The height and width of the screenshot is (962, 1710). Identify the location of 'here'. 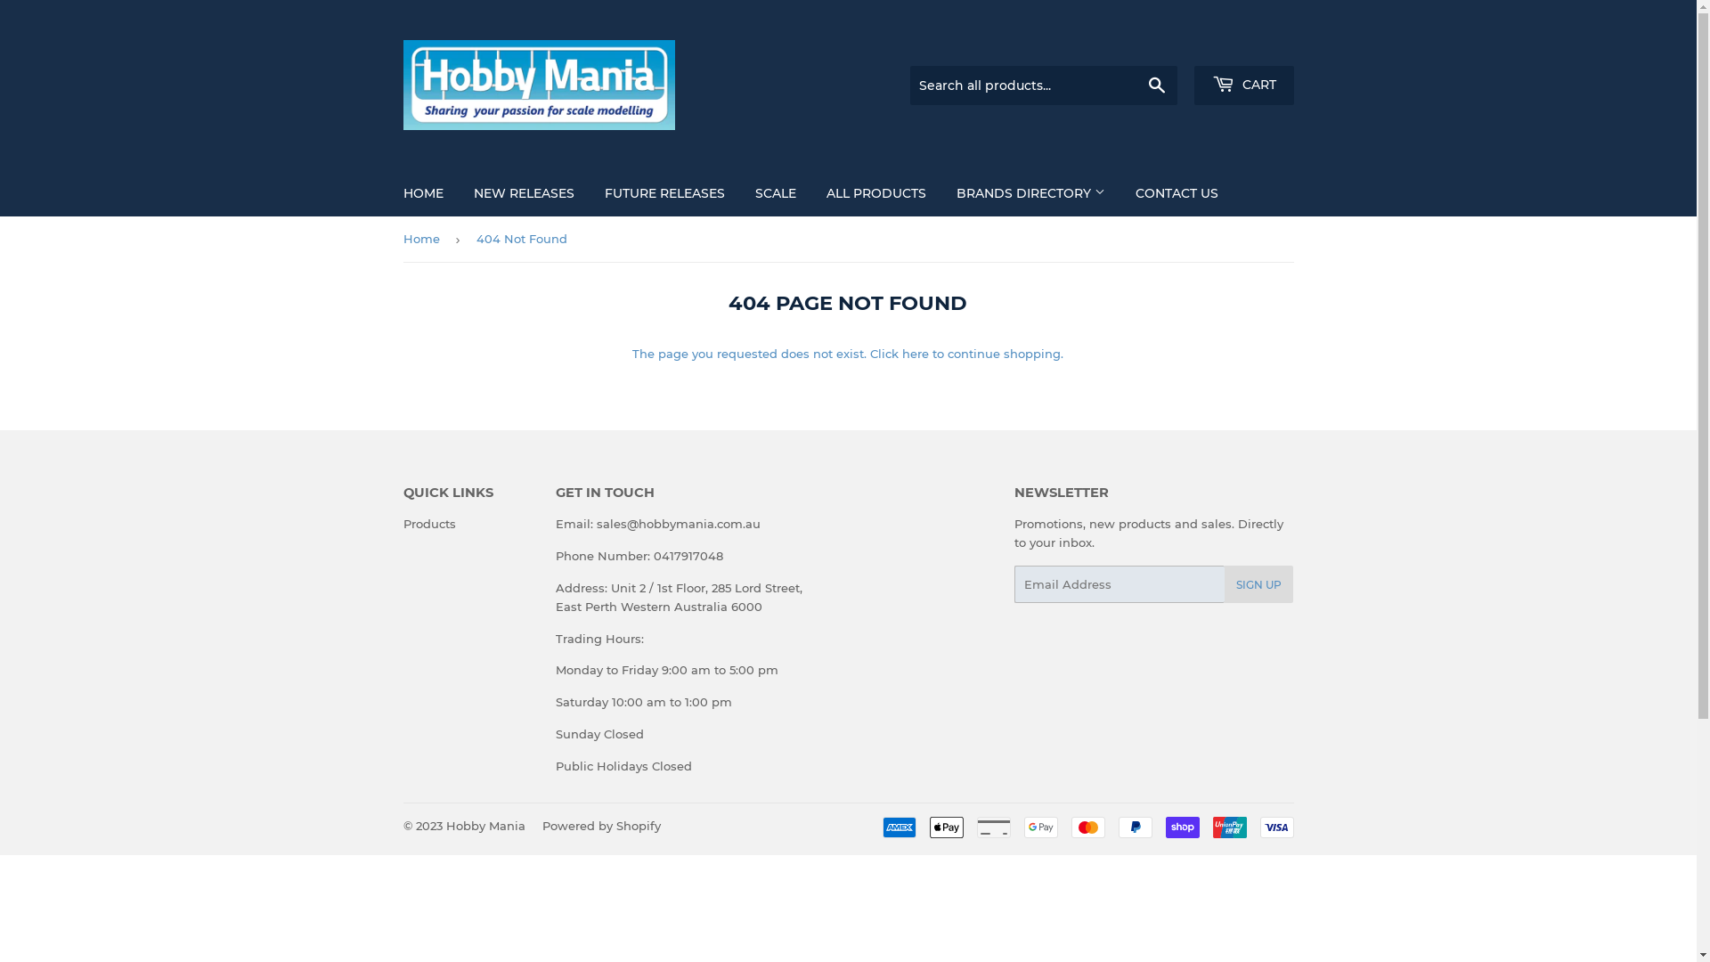
(915, 354).